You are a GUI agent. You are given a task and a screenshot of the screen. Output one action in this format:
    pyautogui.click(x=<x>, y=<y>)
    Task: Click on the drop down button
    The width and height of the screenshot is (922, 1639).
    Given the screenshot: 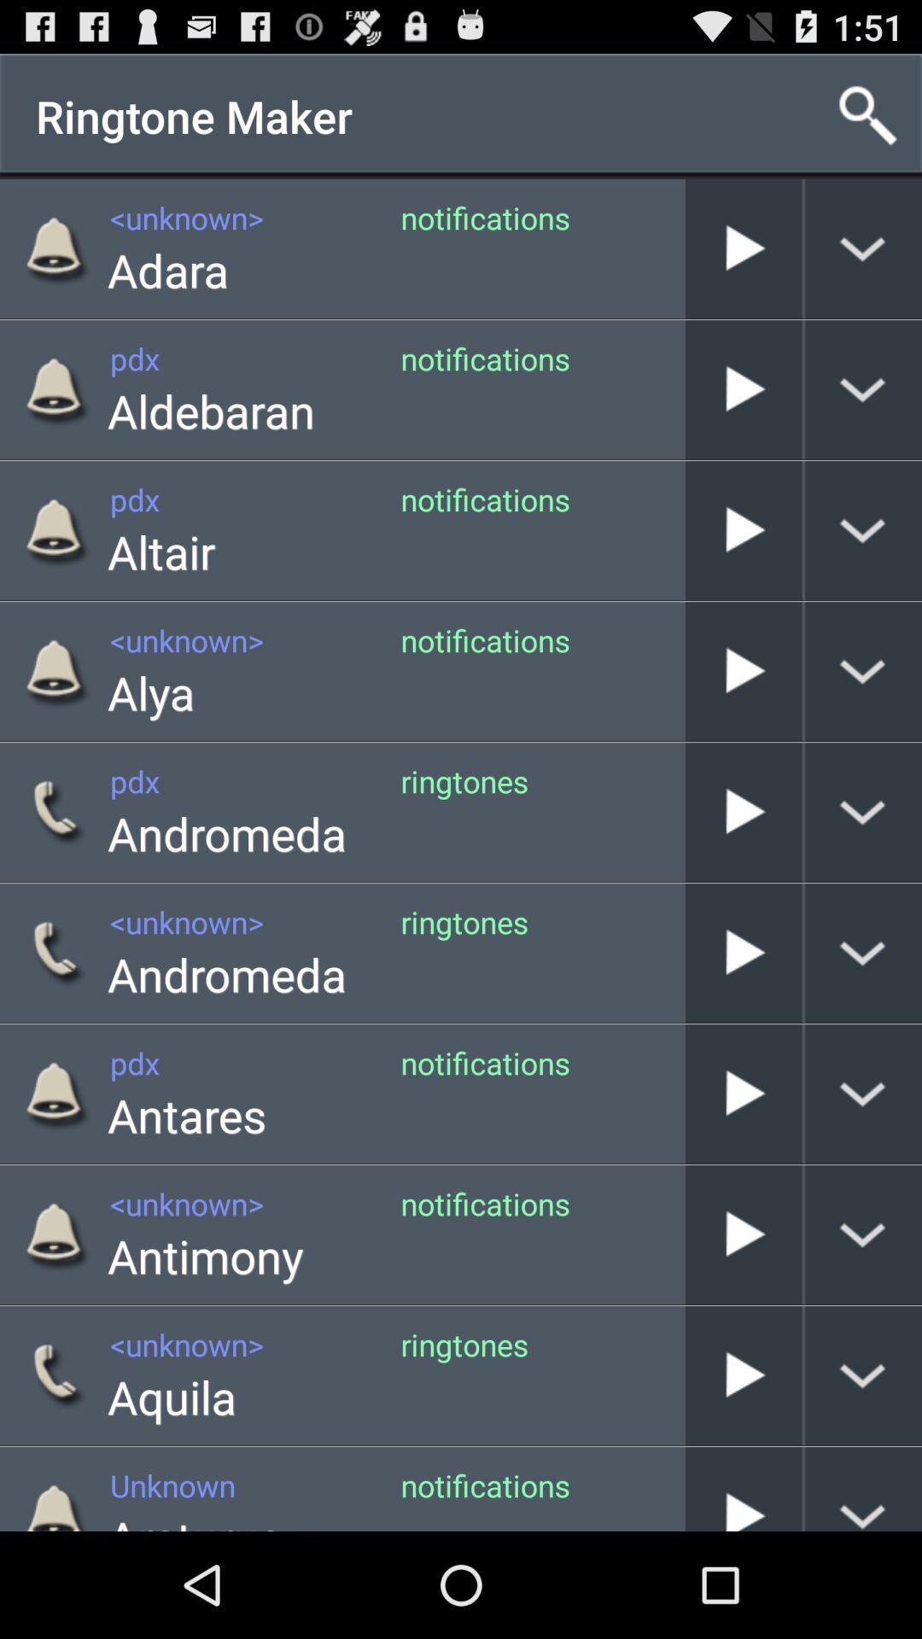 What is the action you would take?
    pyautogui.click(x=863, y=388)
    